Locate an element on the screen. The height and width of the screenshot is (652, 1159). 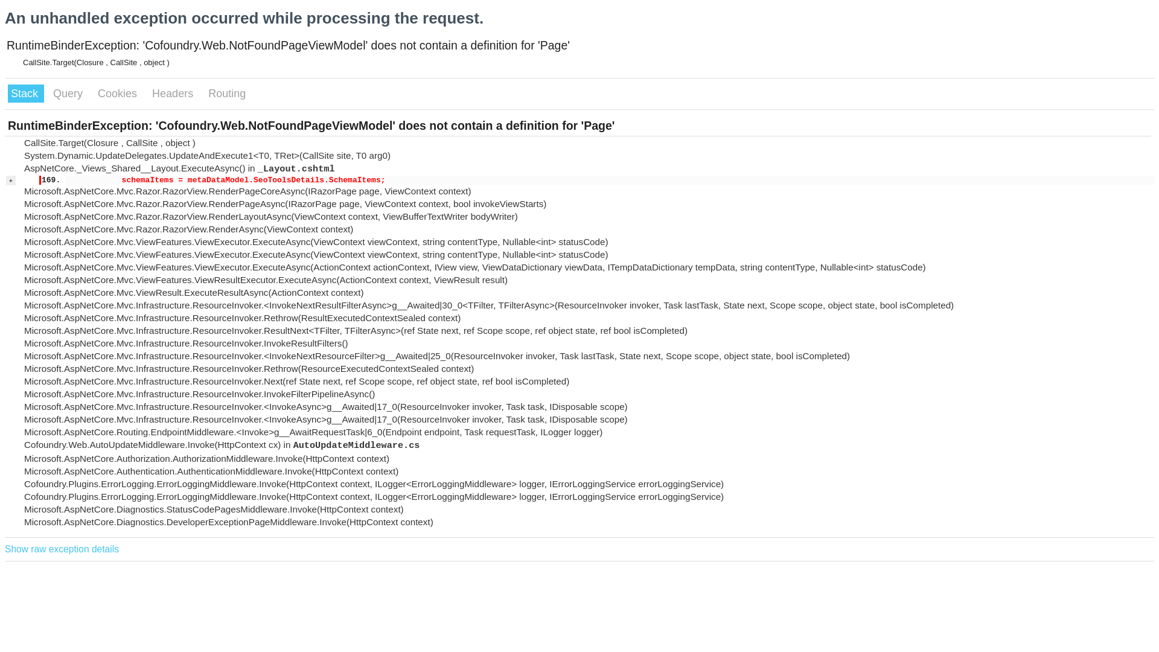
'+' is located at coordinates (11, 181).